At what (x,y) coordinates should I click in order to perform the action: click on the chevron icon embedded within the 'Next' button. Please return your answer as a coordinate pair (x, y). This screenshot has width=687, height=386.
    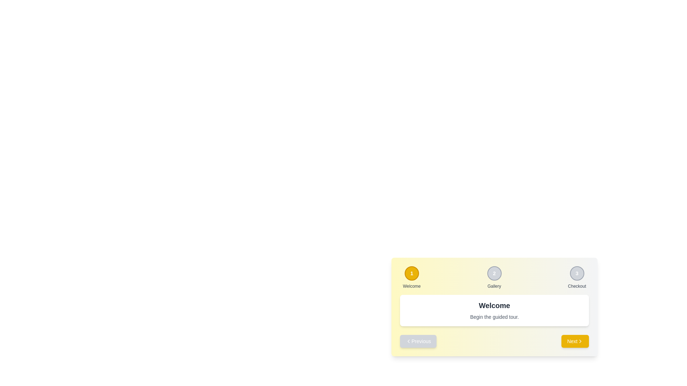
    Looking at the image, I should click on (580, 341).